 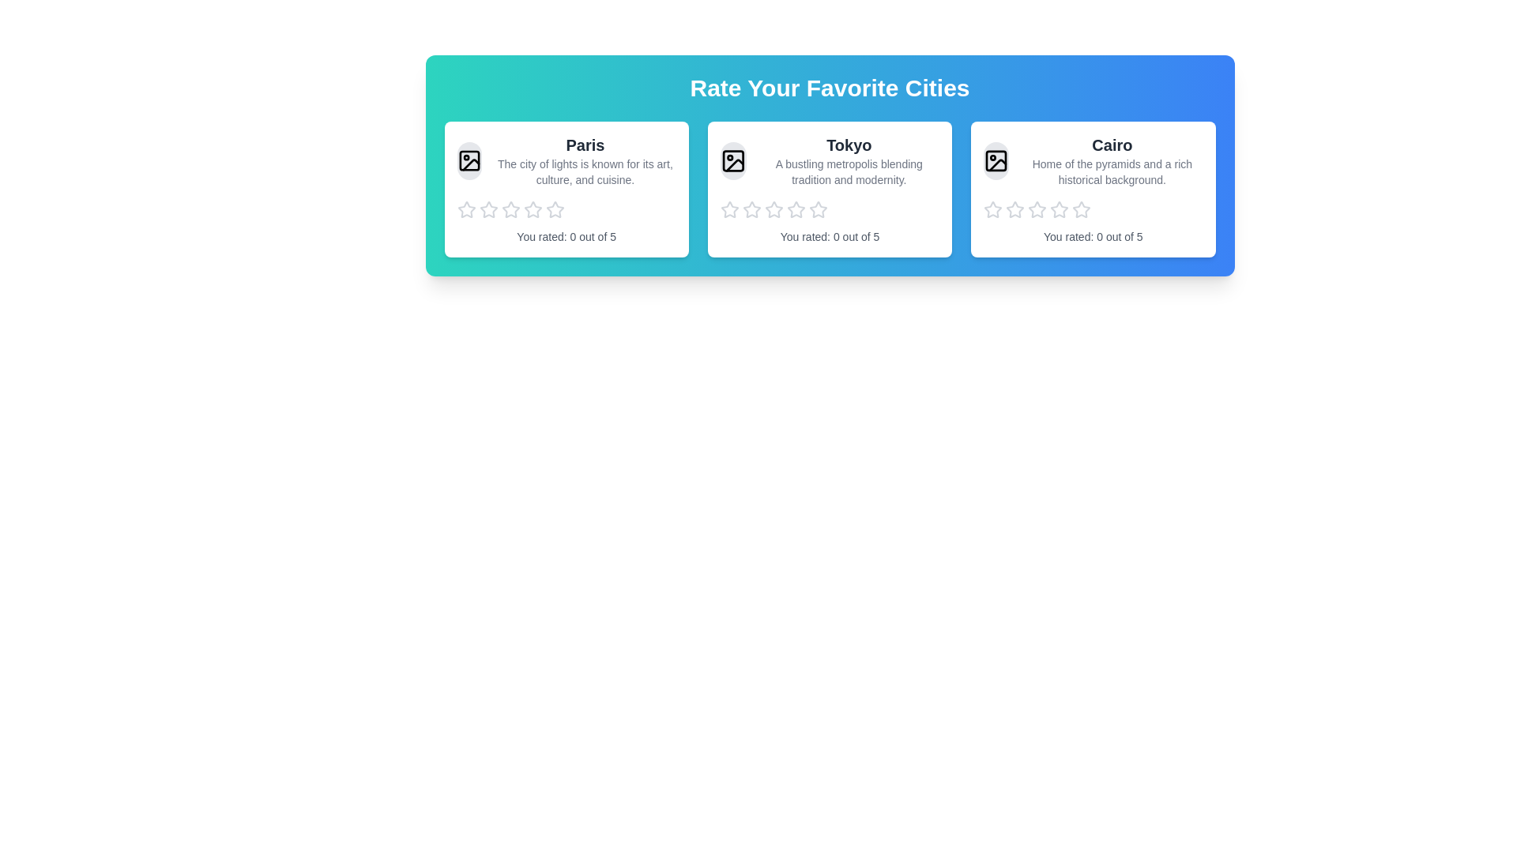 I want to click on the fourth star icon in the 'Paris' card, which allows the user to rate their experience about Paris, so click(x=555, y=209).